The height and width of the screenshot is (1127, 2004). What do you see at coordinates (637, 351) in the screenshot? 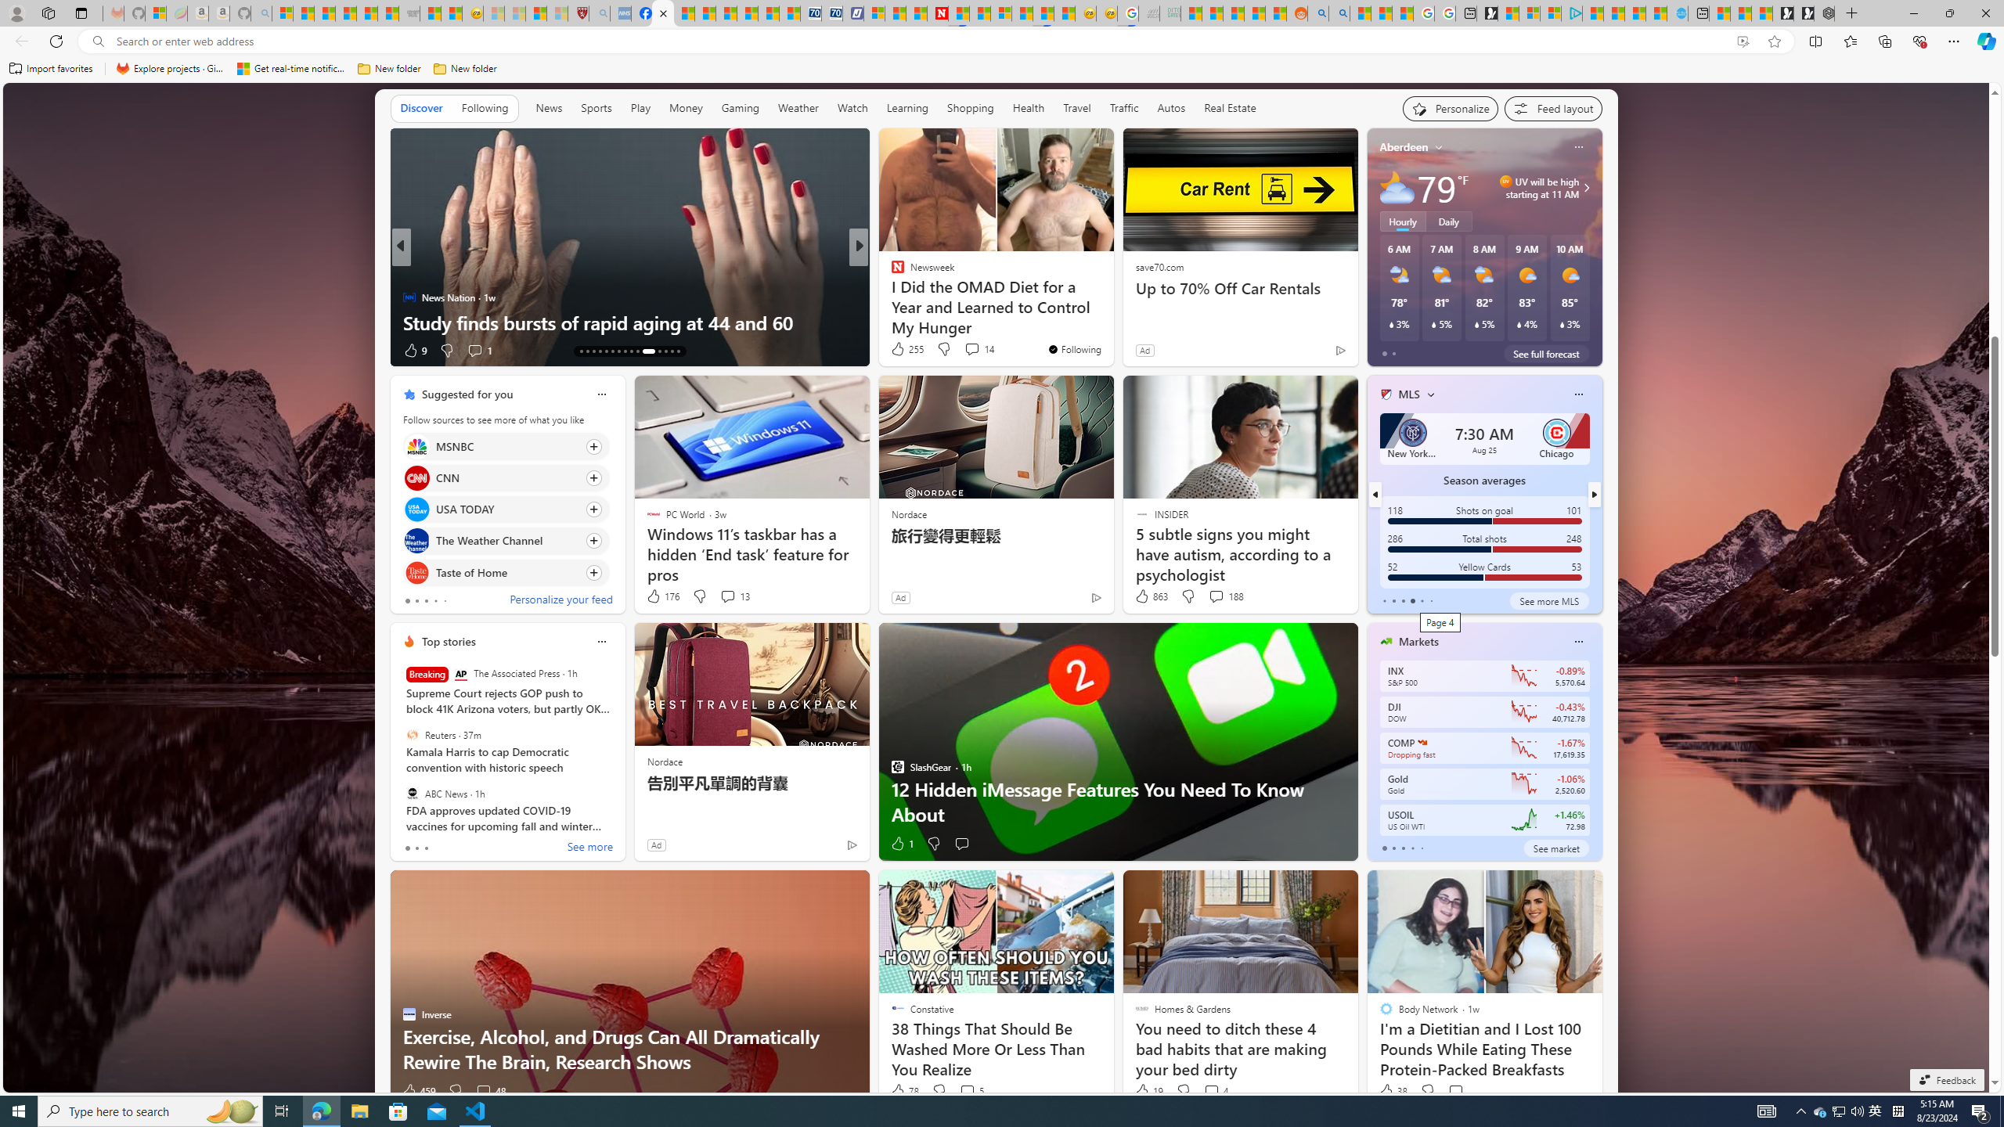
I see `'AutomationID: tab-75'` at bounding box center [637, 351].